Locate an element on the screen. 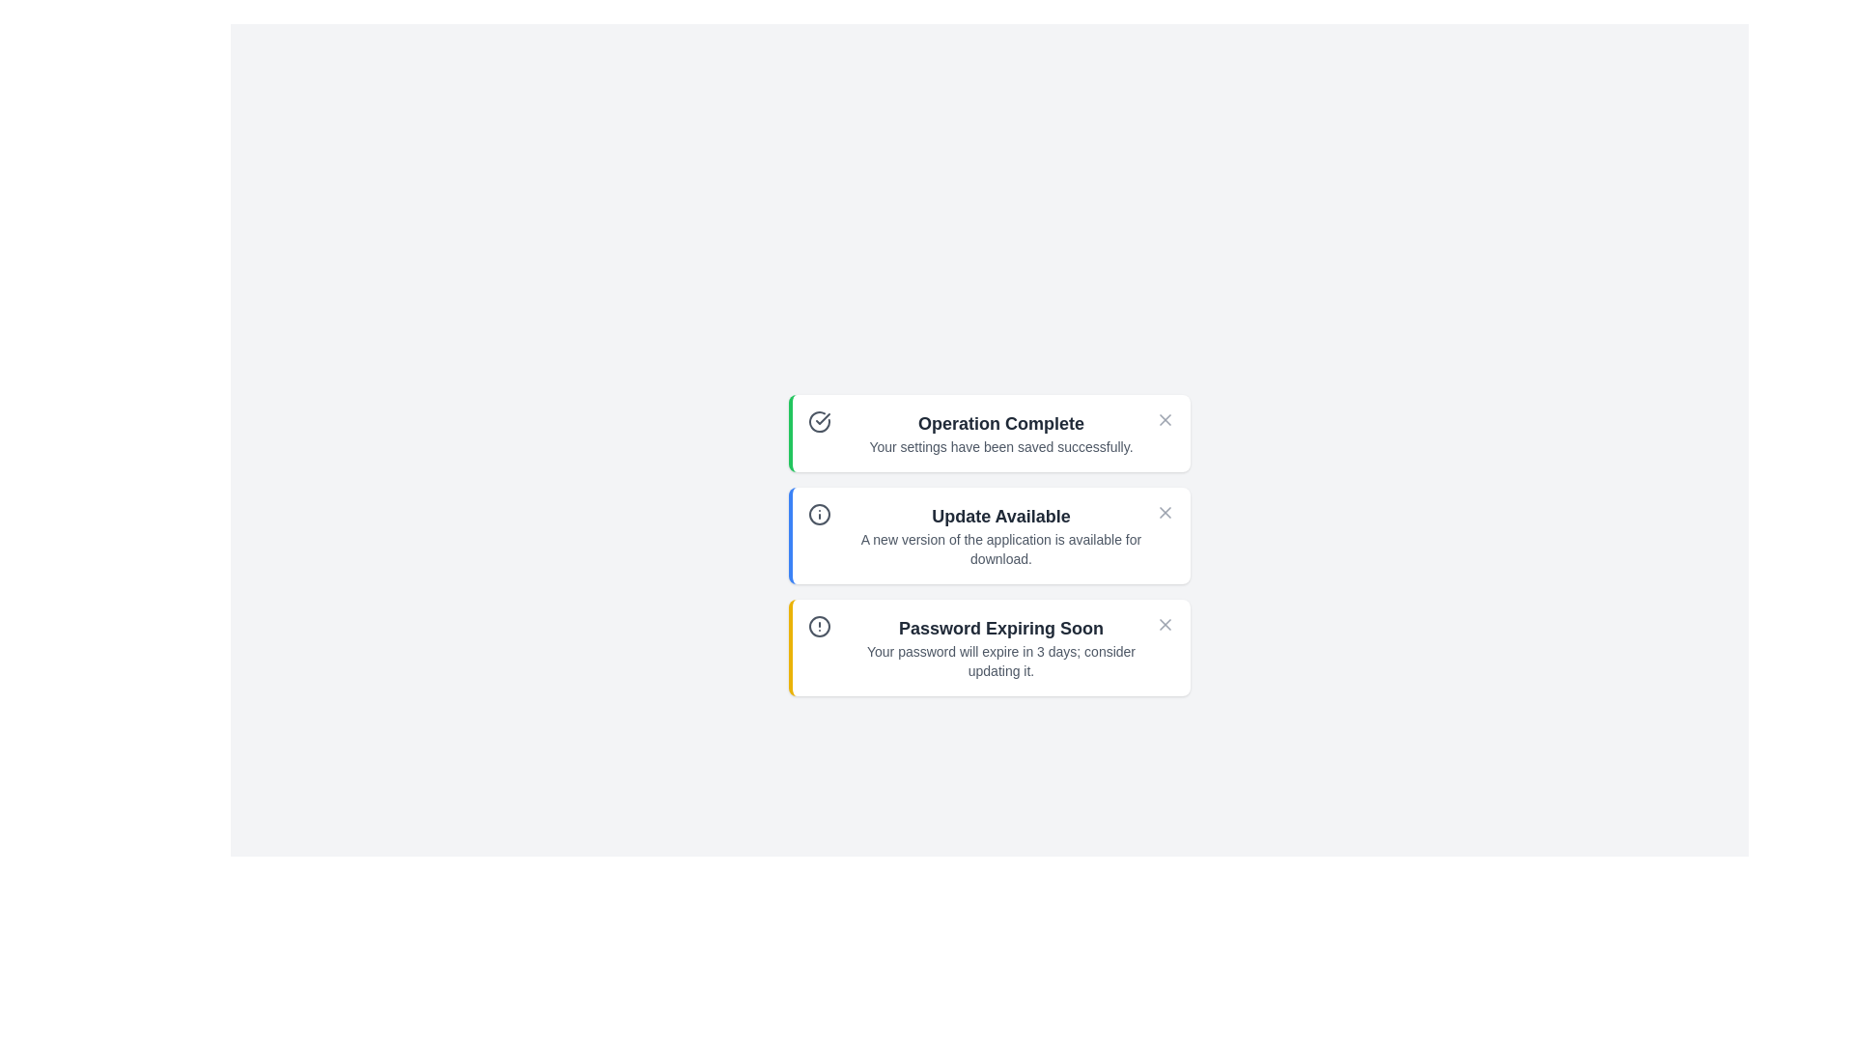  the text label that indicates the user's settings have been successfully saved, located below the 'Operation Complete' text within the notification card is located at coordinates (1000, 446).